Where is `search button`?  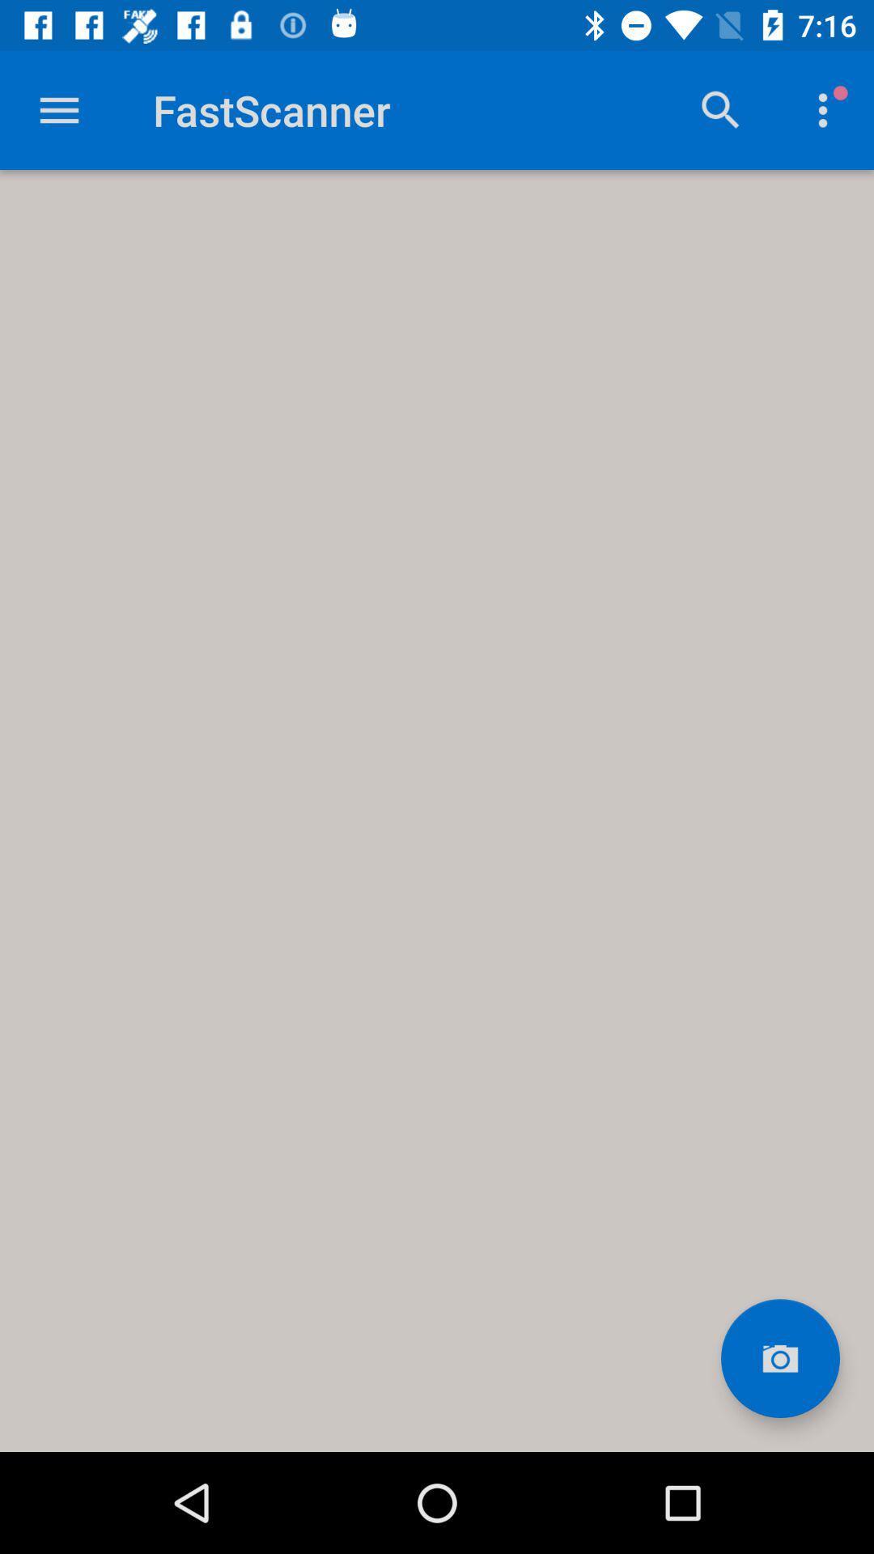
search button is located at coordinates (720, 109).